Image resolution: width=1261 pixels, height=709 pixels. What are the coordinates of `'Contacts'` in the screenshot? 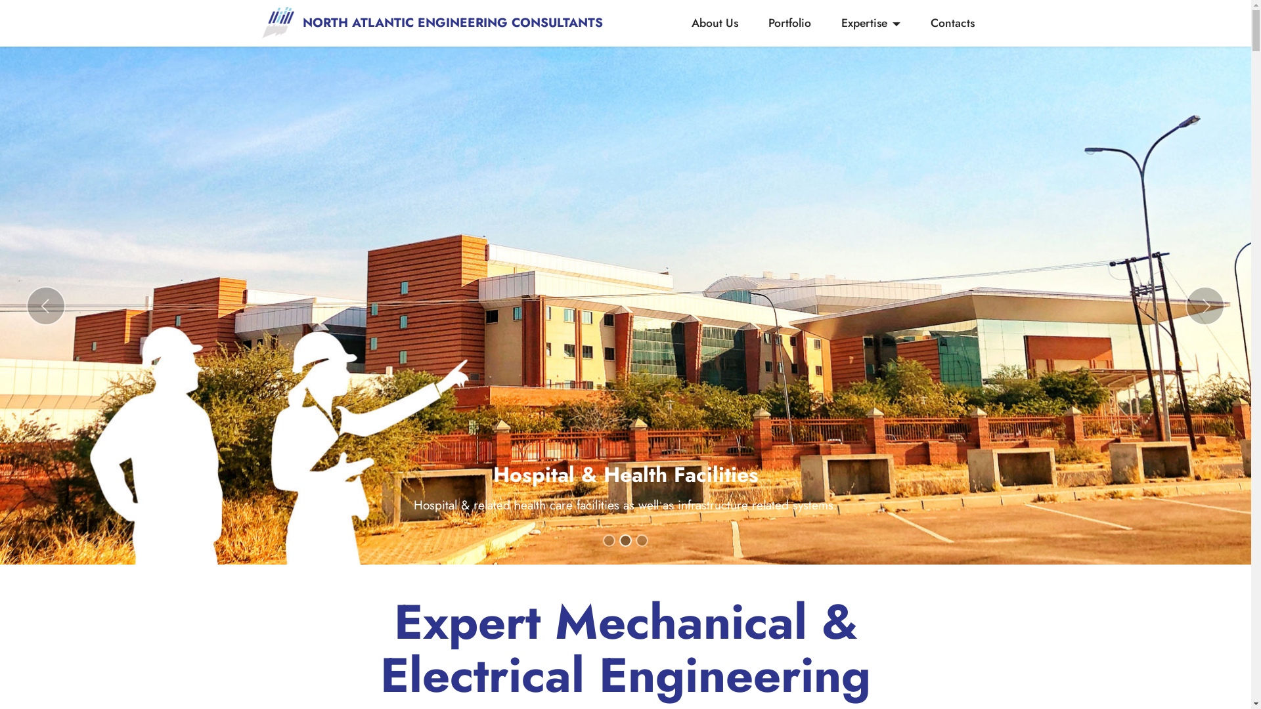 It's located at (952, 22).